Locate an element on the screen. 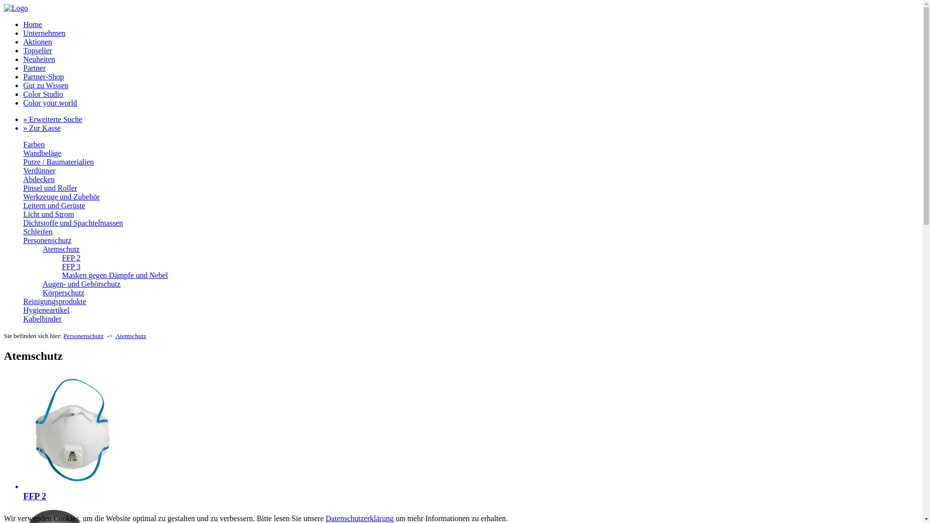 This screenshot has width=930, height=523. 'Personenschutz' is located at coordinates (83, 335).